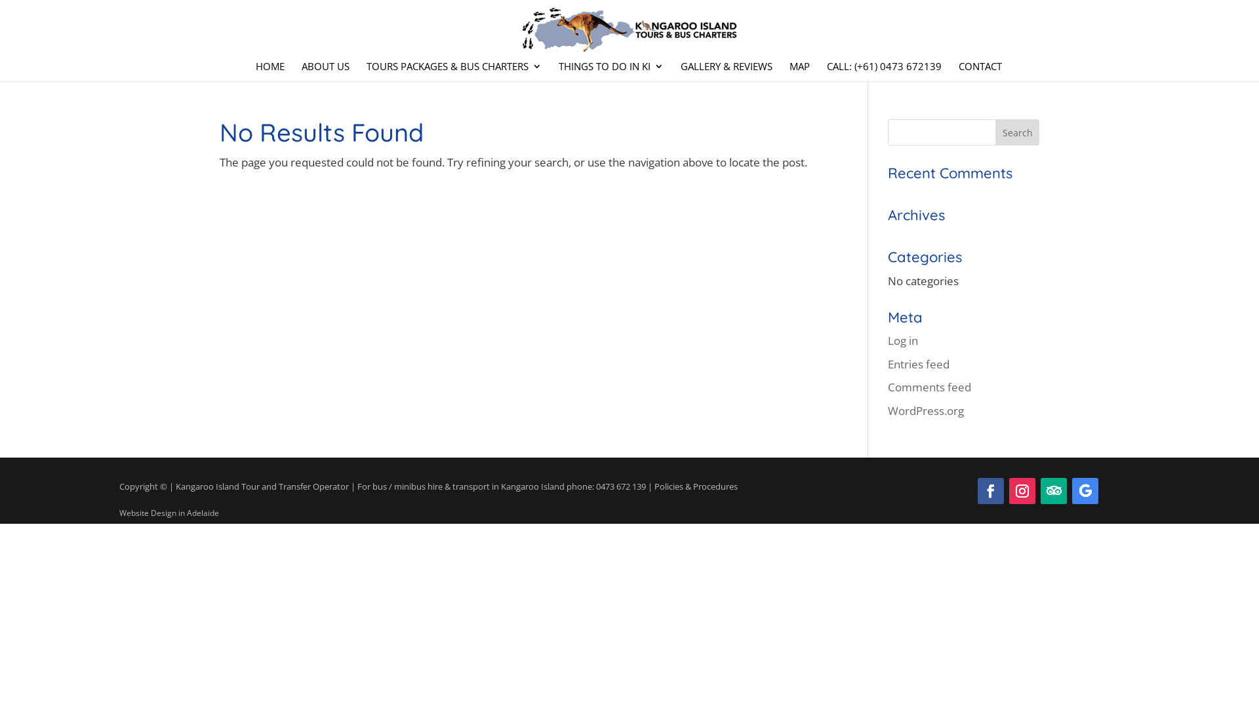  I want to click on 'Comments feed', so click(929, 386).